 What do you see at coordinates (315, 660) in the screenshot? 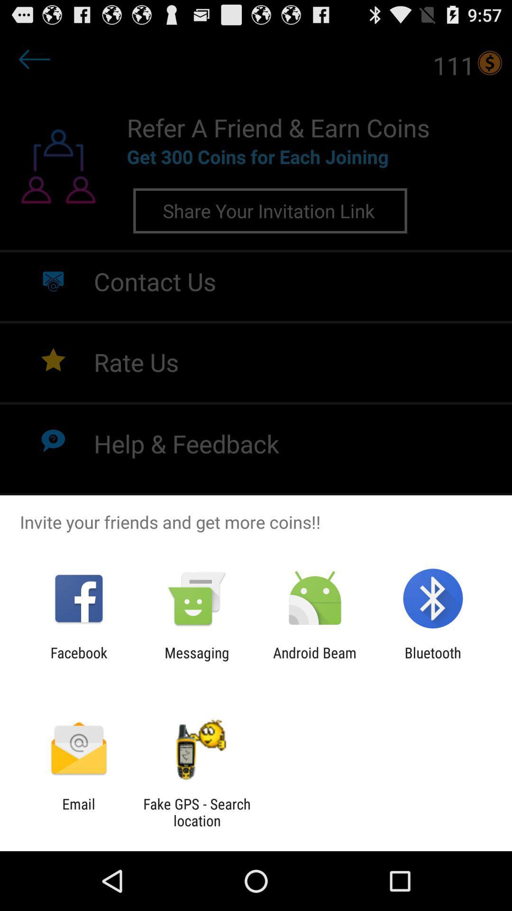
I see `the icon to the left of the bluetooth icon` at bounding box center [315, 660].